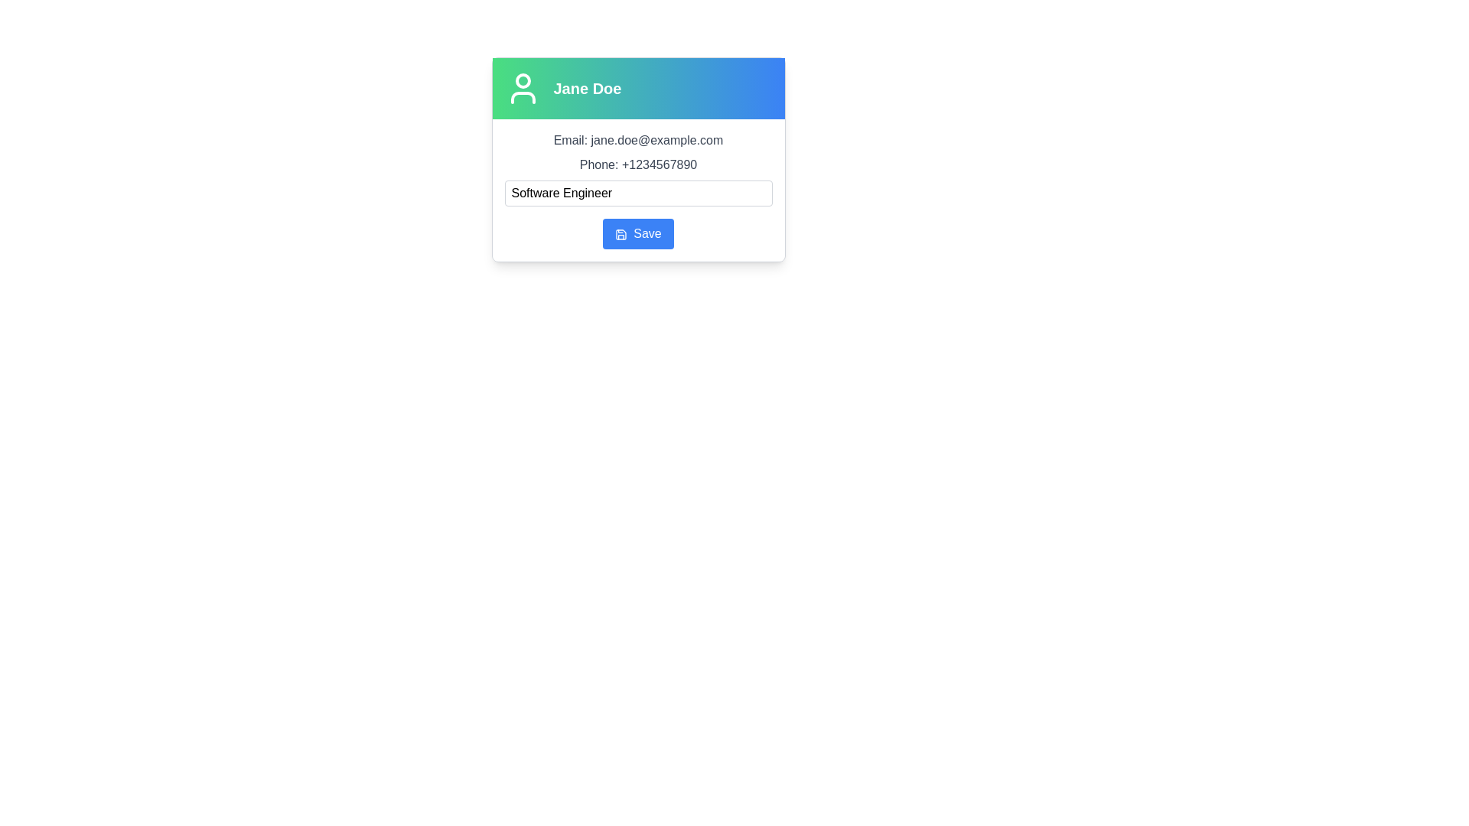 The width and height of the screenshot is (1469, 826). Describe the element at coordinates (587, 88) in the screenshot. I see `text label displaying 'Jane Doe' which is bold and large, centered horizontally within a gradient background from green to blue, located near the top center of the card-style layout` at that location.